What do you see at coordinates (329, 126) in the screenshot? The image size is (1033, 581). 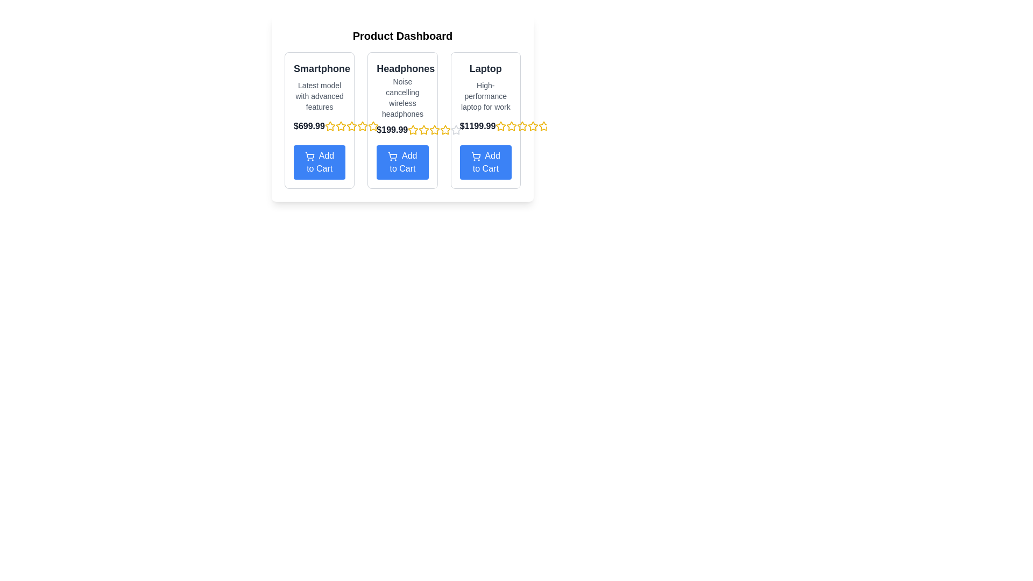 I see `the second star icon in the rating system located under the price '$699.99' for the 'Smartphone' product section` at bounding box center [329, 126].